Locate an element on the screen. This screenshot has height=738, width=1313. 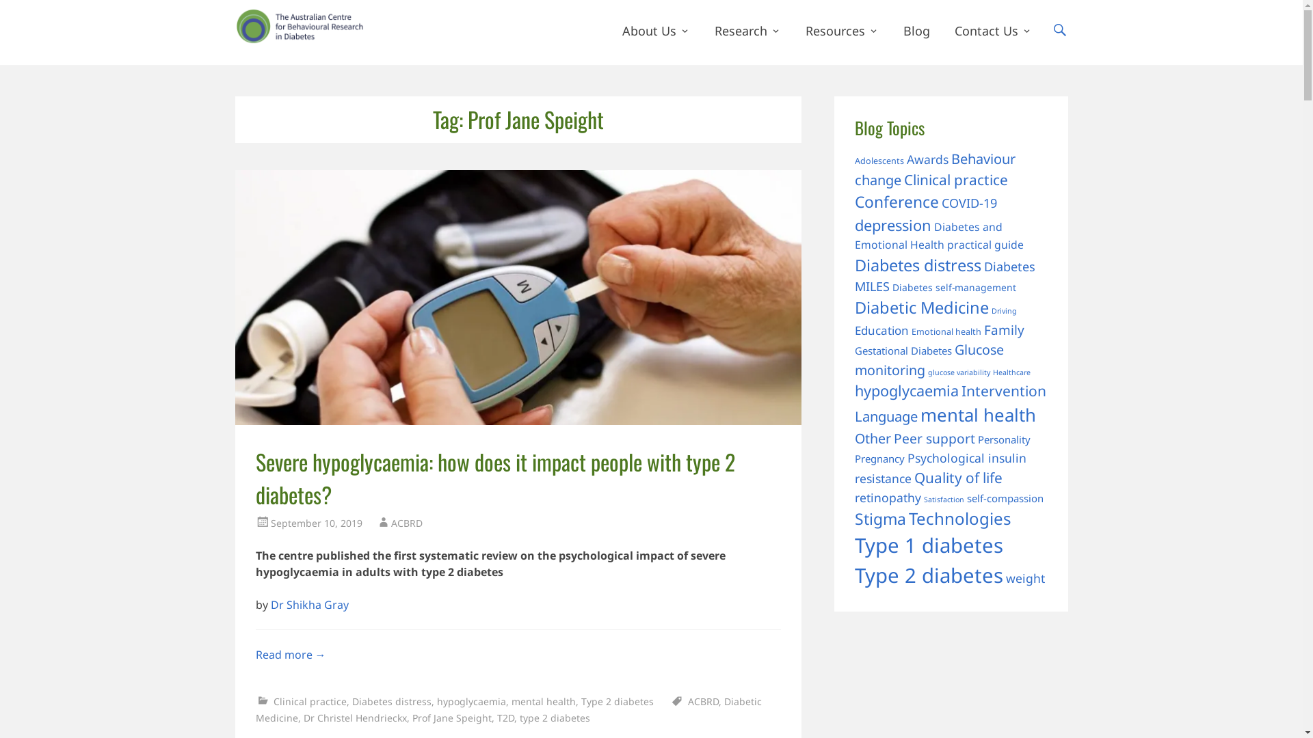
'Contact Us' is located at coordinates (993, 31).